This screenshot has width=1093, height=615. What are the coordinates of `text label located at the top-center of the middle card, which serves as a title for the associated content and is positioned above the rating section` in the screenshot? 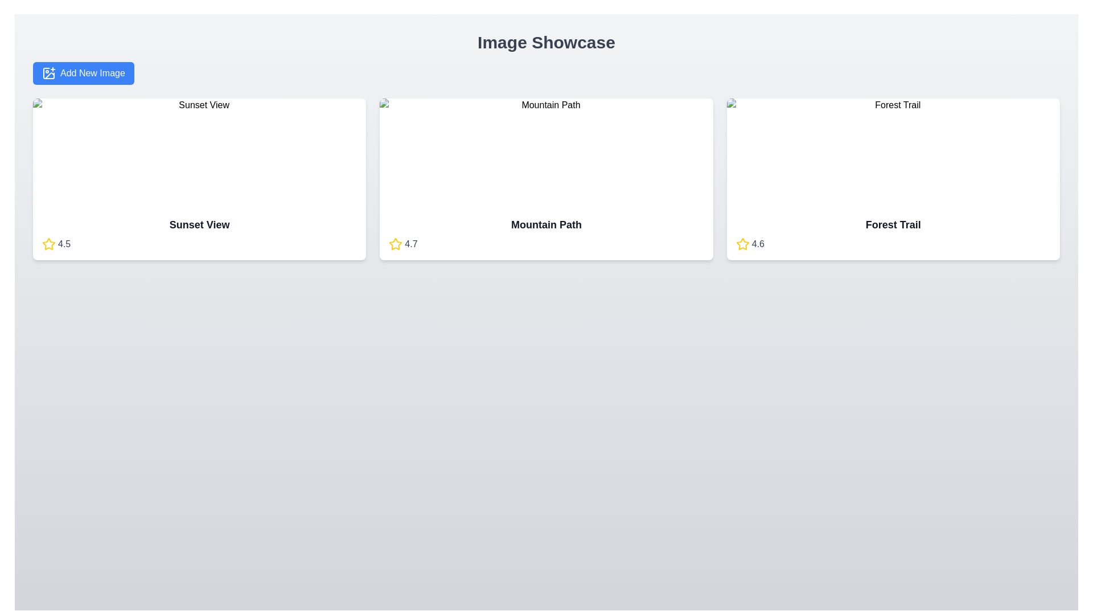 It's located at (546, 224).